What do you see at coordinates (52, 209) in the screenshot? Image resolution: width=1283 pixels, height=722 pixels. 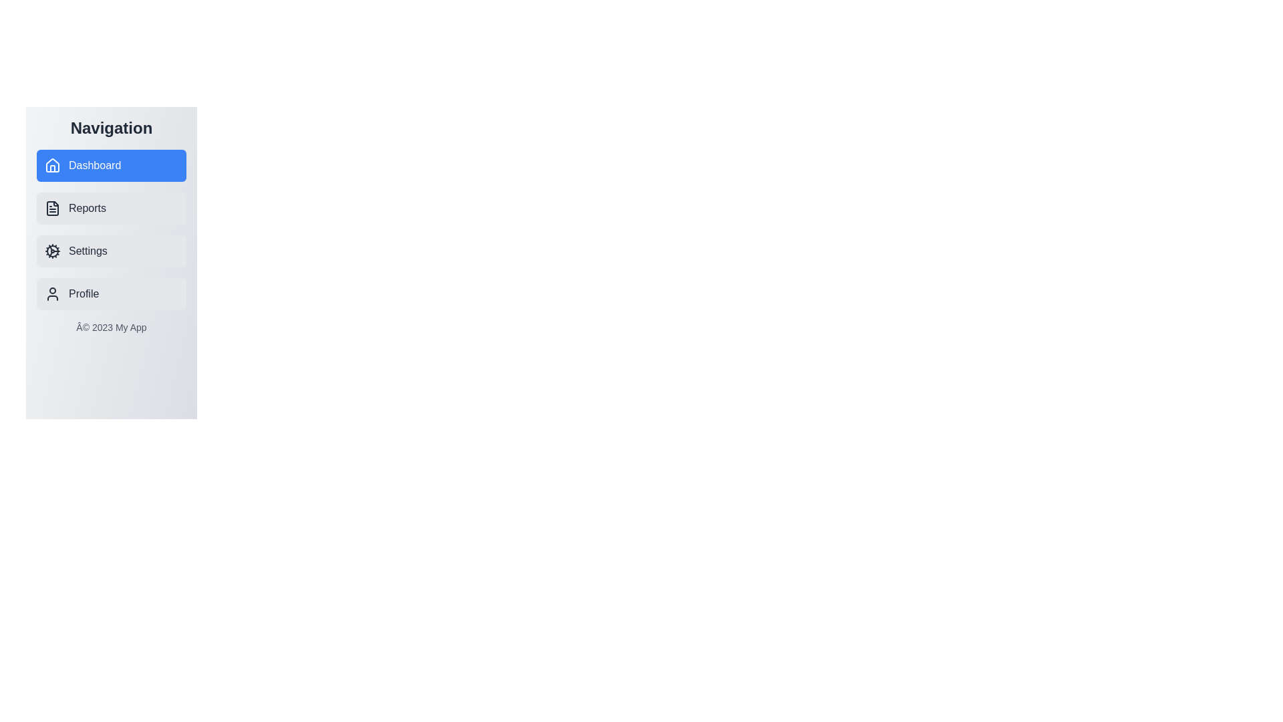 I see `the 'Reports' icon in the navigation sidebar` at bounding box center [52, 209].